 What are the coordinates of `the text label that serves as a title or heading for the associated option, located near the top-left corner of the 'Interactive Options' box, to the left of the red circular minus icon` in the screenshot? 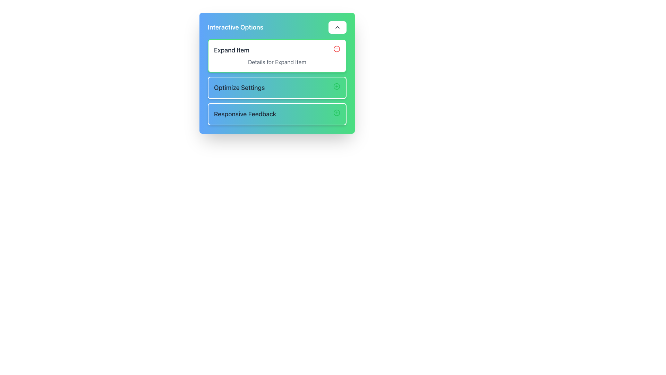 It's located at (231, 50).